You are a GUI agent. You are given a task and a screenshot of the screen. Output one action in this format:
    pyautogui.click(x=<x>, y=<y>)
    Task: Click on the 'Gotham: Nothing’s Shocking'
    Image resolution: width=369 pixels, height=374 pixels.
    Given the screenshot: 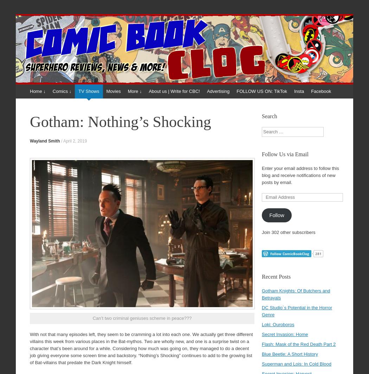 What is the action you would take?
    pyautogui.click(x=30, y=122)
    